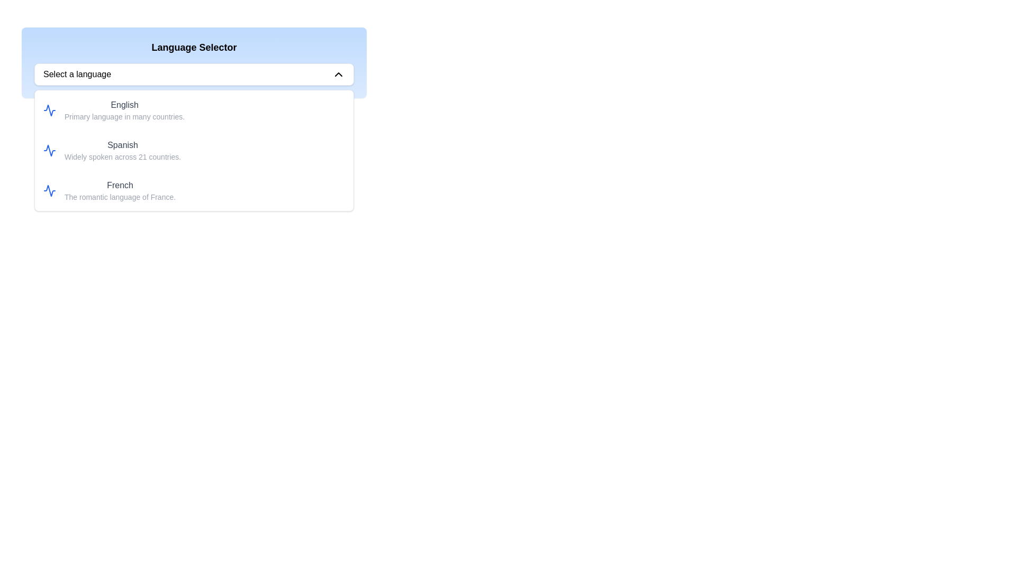  What do you see at coordinates (194, 151) in the screenshot?
I see `the 'Spanish' option in the dropdown menu labeled 'Language Selector'` at bounding box center [194, 151].